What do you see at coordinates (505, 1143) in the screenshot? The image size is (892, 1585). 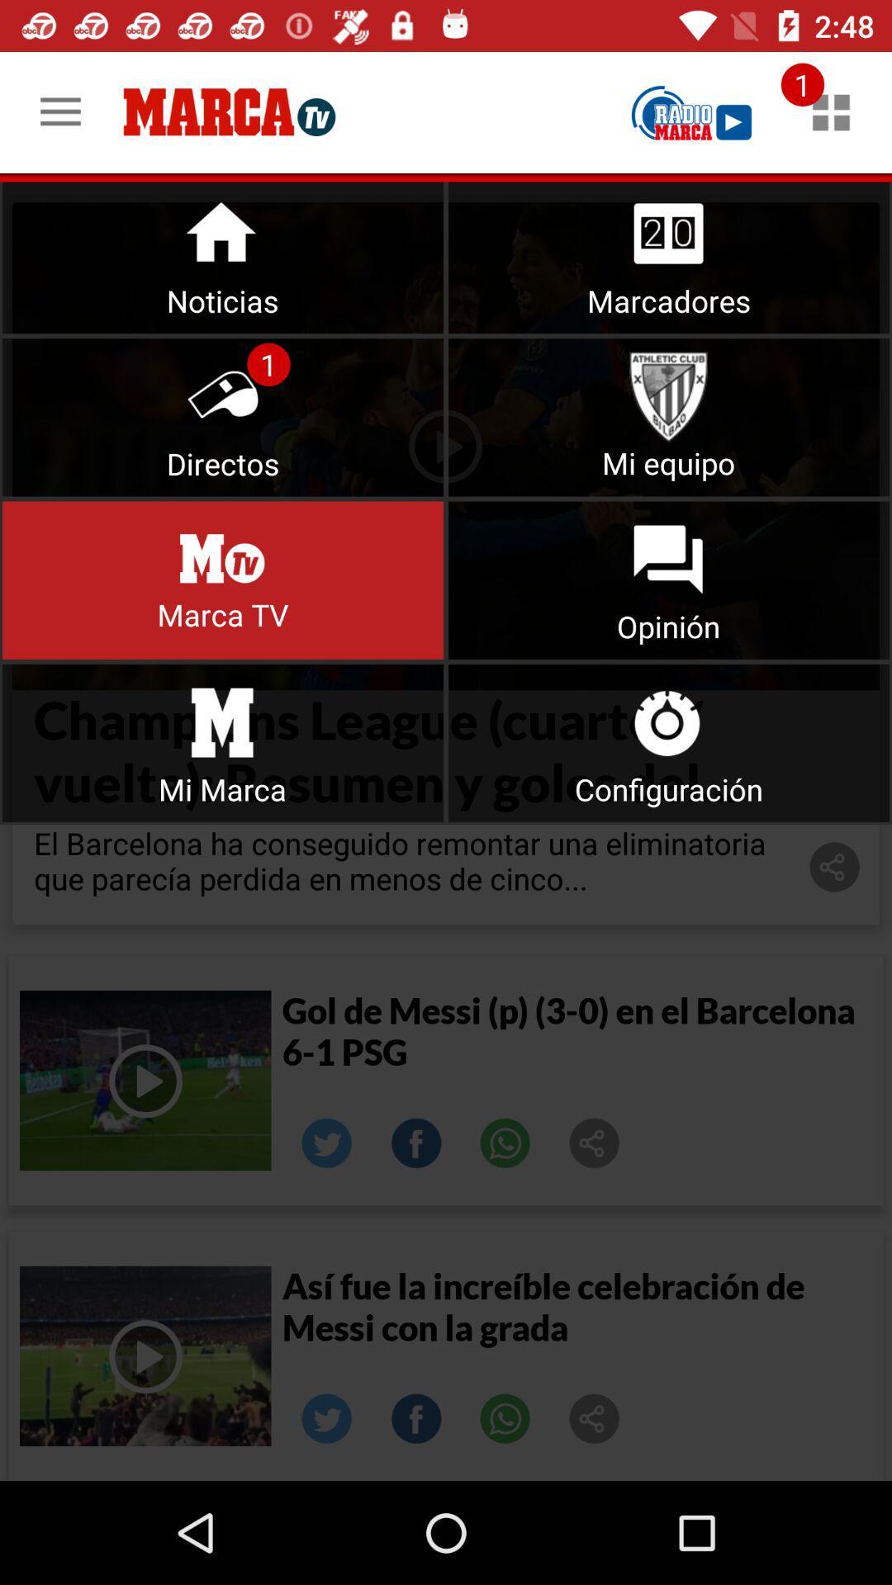 I see `share on whatsapp` at bounding box center [505, 1143].